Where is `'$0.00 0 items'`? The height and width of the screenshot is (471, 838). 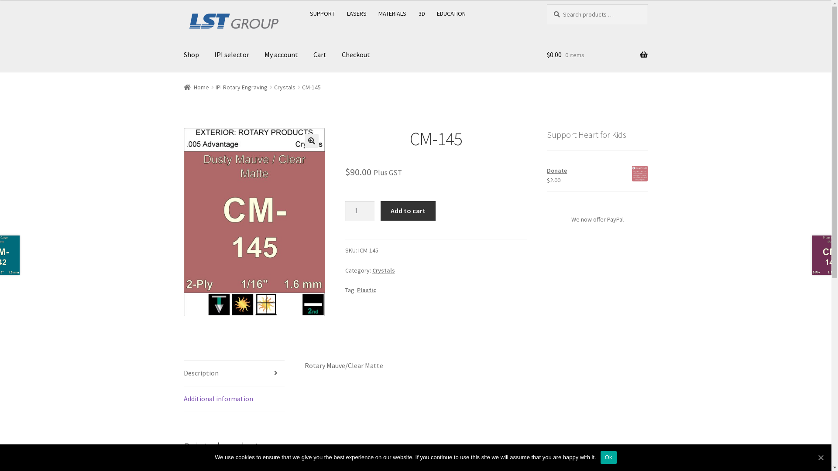
'$0.00 0 items' is located at coordinates (597, 55).